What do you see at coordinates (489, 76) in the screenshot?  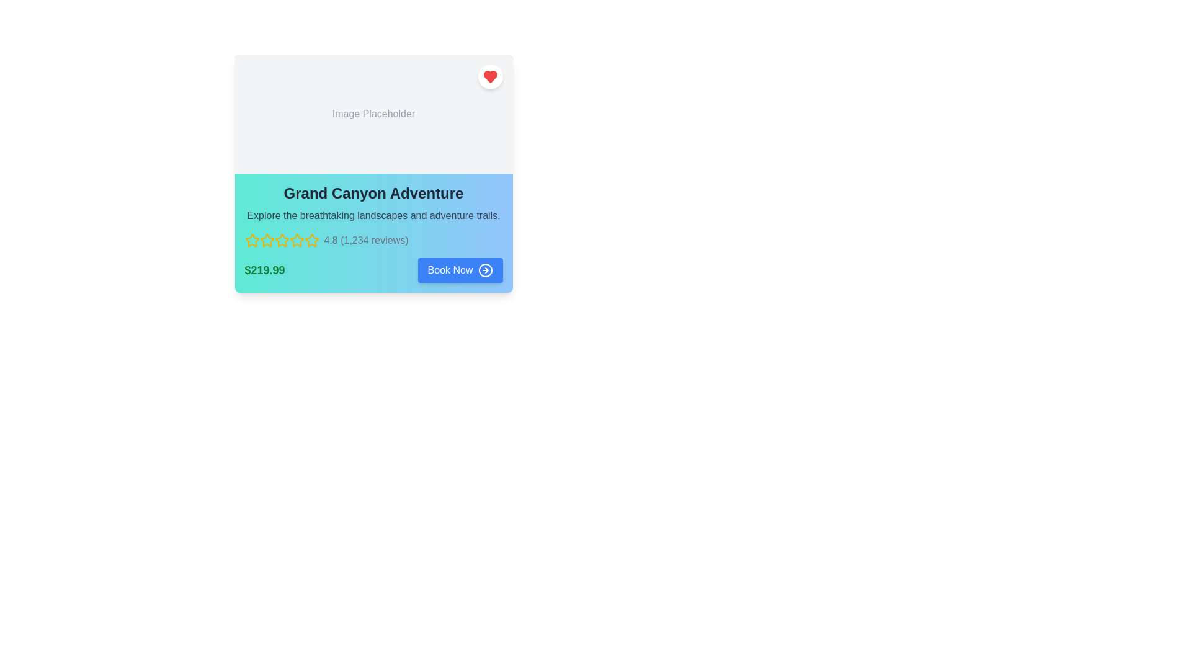 I see `the favorite or like icon located in the top-right corner of the card layout, above the 'Grand Canyon Adventure' title, to trigger the tooltip` at bounding box center [489, 76].